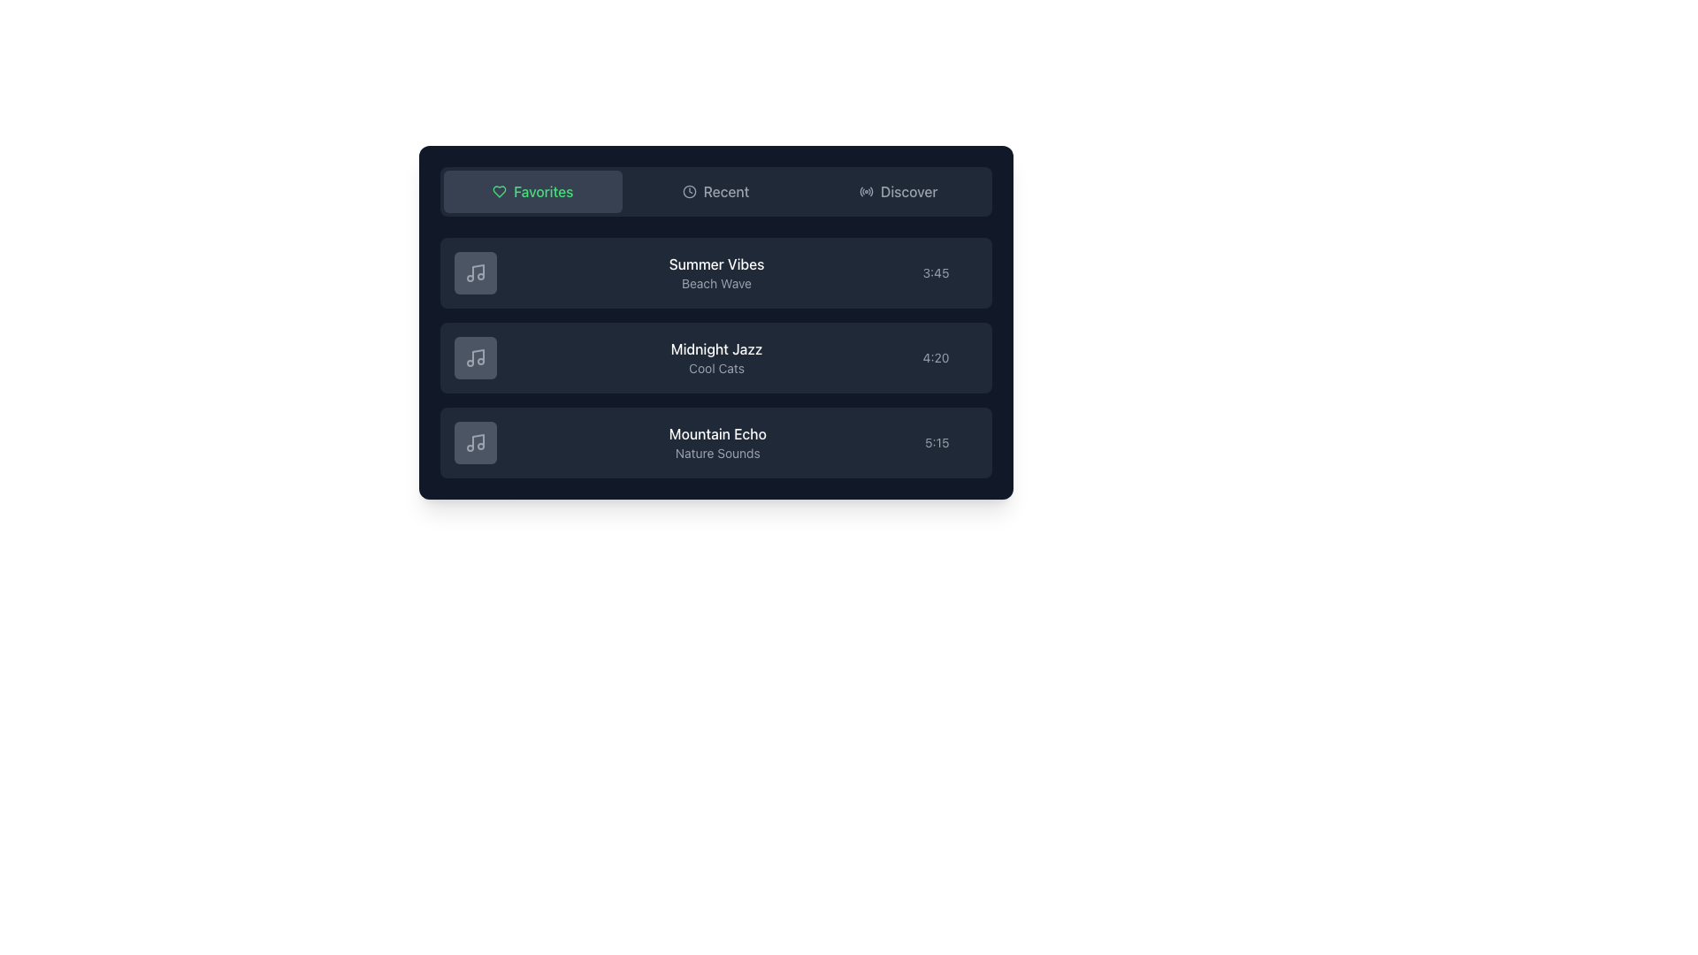 The height and width of the screenshot is (955, 1698). What do you see at coordinates (715, 272) in the screenshot?
I see `the first list item labeled 'Summer Vibes' with a musical note icon` at bounding box center [715, 272].